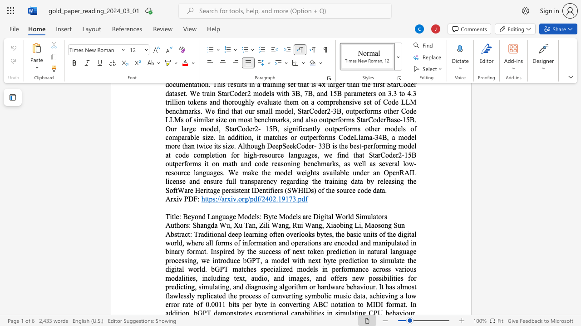 This screenshot has height=326, width=581. Describe the element at coordinates (178, 234) in the screenshot. I see `the 1th character "t" in the text` at that location.